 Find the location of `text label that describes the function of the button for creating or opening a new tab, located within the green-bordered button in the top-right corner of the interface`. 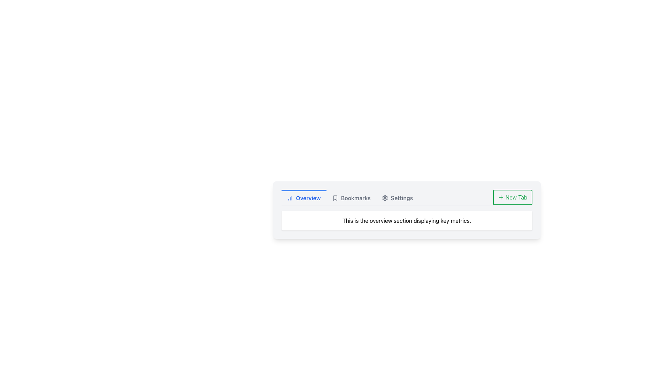

text label that describes the function of the button for creating or opening a new tab, located within the green-bordered button in the top-right corner of the interface is located at coordinates (516, 197).